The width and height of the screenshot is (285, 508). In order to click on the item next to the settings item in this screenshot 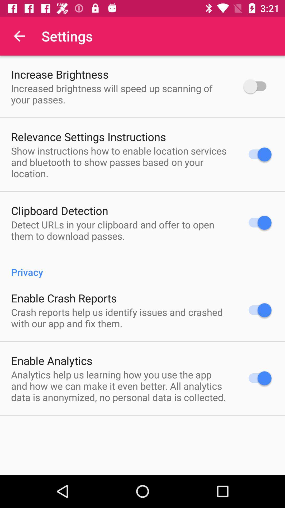, I will do `click(19, 36)`.